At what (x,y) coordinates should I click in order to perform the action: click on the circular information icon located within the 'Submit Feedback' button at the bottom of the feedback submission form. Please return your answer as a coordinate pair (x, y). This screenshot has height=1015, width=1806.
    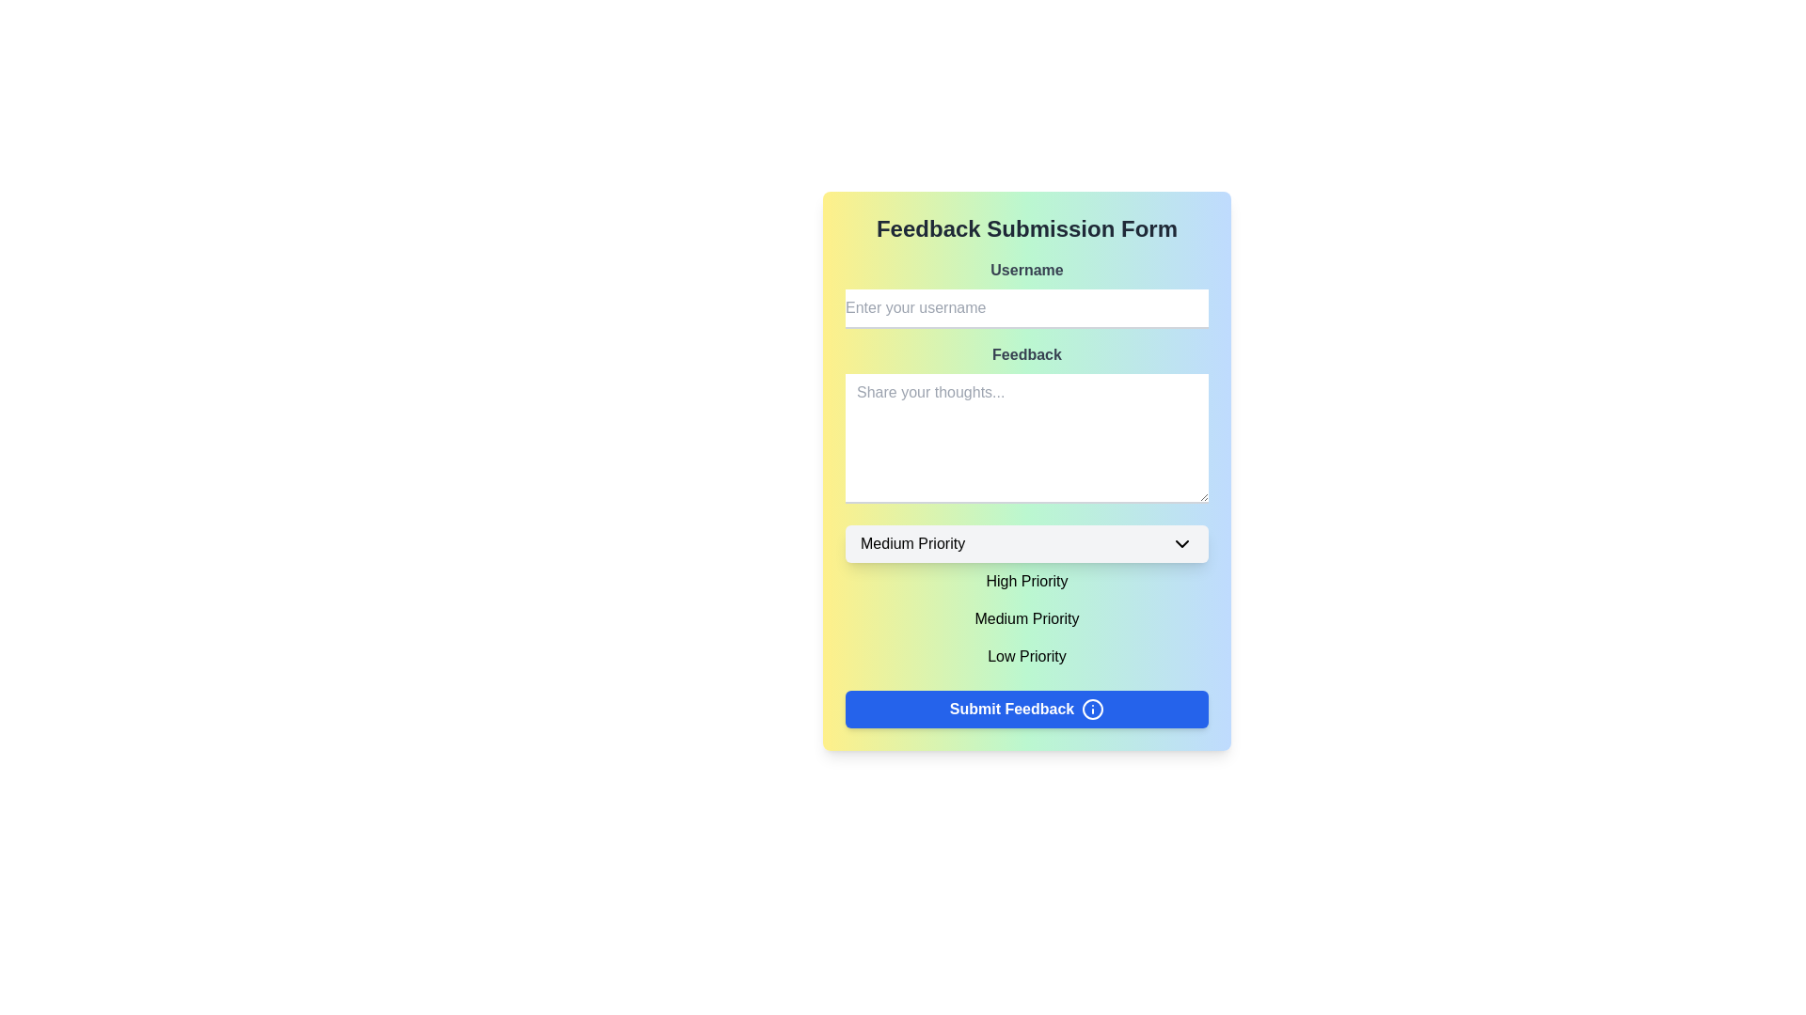
    Looking at the image, I should click on (1093, 710).